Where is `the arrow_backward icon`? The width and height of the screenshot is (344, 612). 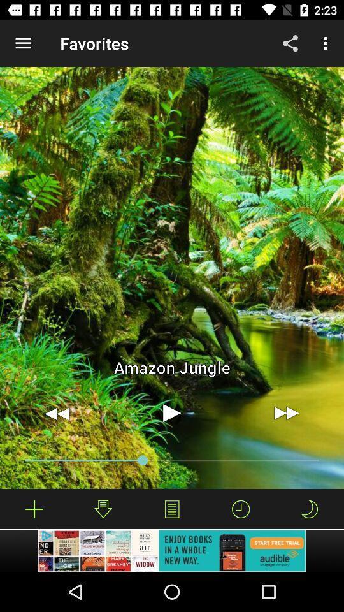 the arrow_backward icon is located at coordinates (57, 412).